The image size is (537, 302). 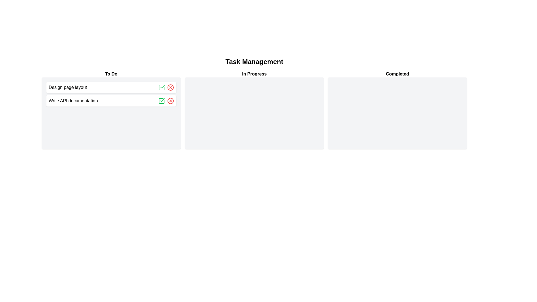 What do you see at coordinates (67, 87) in the screenshot?
I see `the task name to select or edit it` at bounding box center [67, 87].